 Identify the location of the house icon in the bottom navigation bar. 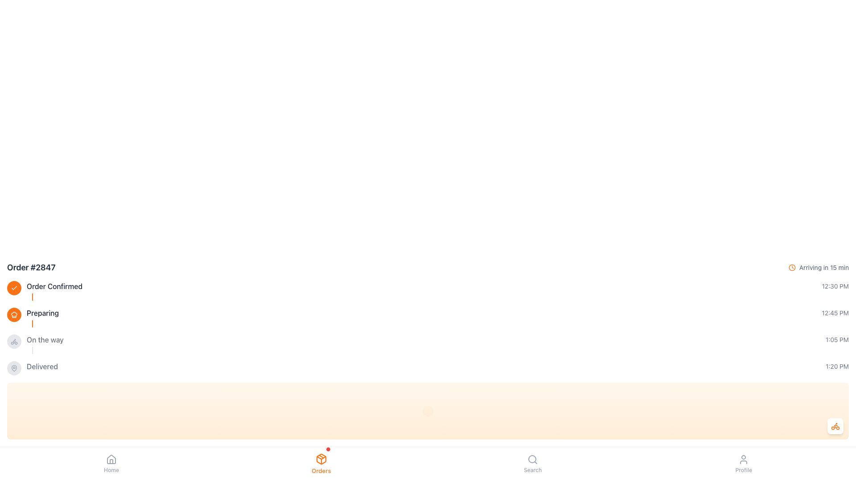
(111, 460).